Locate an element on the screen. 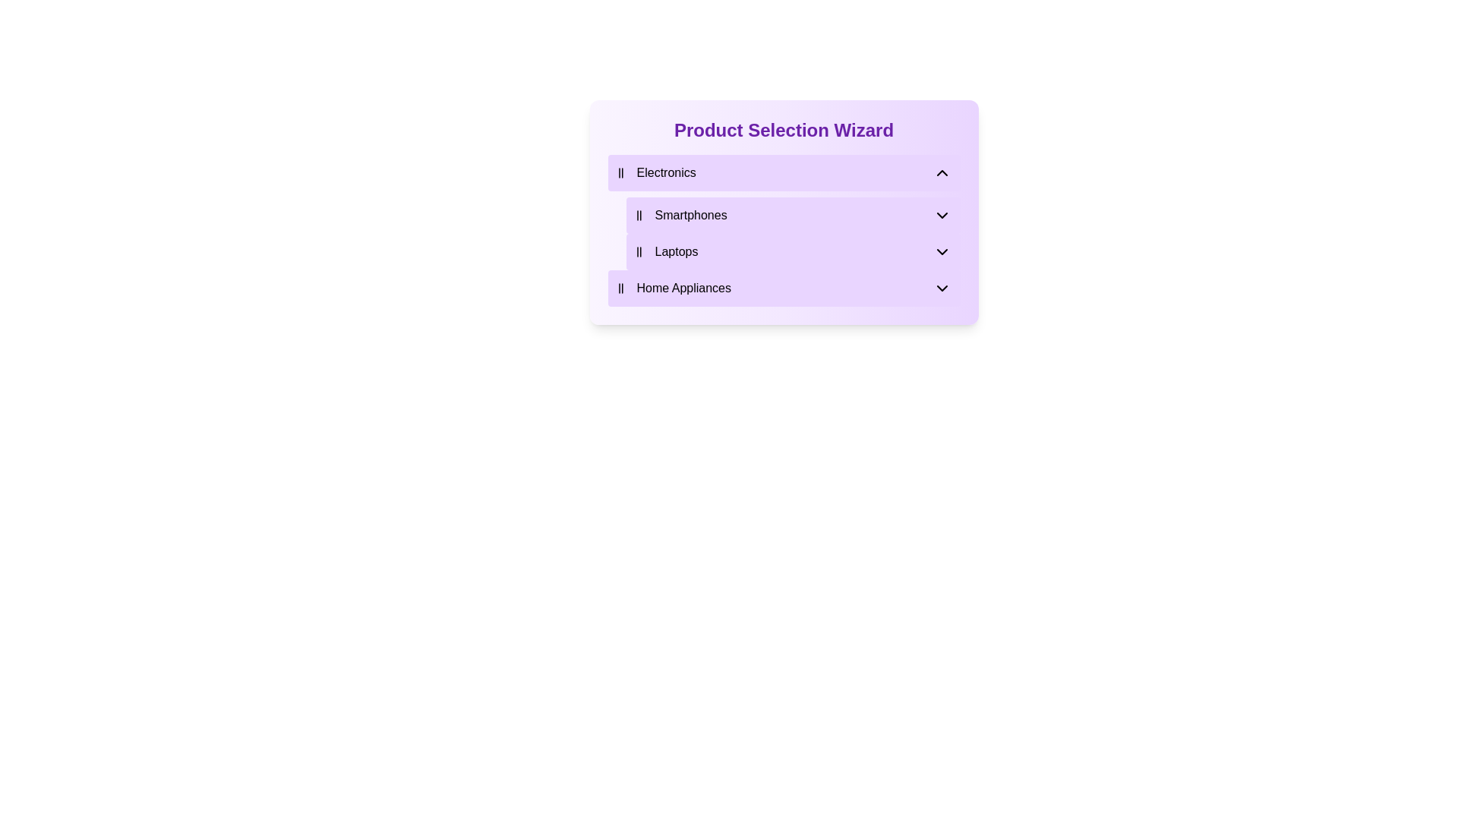 The width and height of the screenshot is (1458, 820). the 'Home Appliances' text label, which is styled with dark text on a light purple background and is part of the menu under 'Electronics' is located at coordinates (683, 289).